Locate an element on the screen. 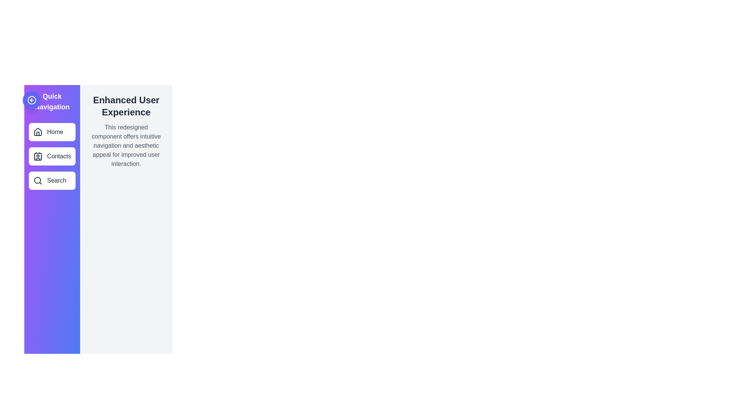  control button to toggle the drawer state is located at coordinates (31, 99).